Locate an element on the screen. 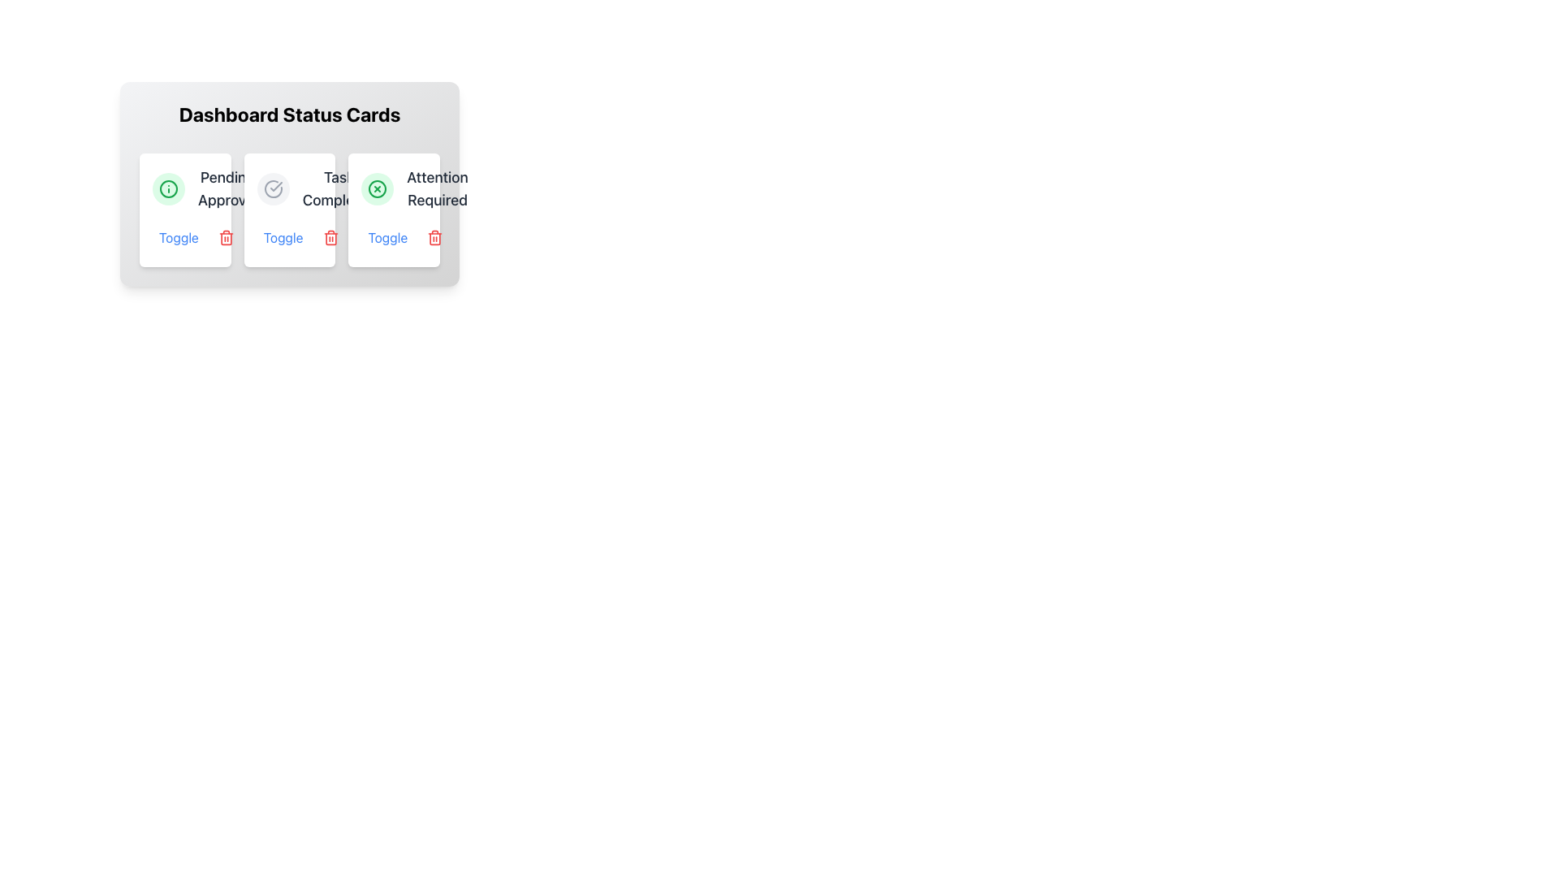 This screenshot has height=877, width=1559. the text label that reads 'Attention Required', which is displayed in bold dark gray font in the top-right card of the dashboard is located at coordinates (394, 188).